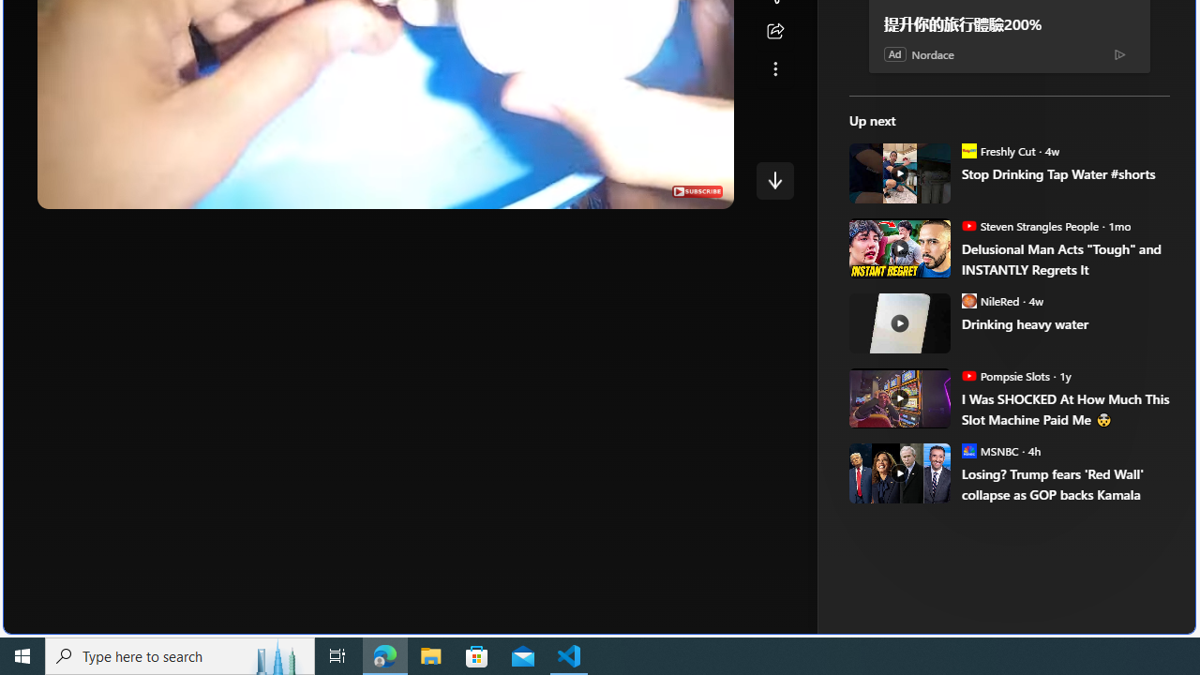  What do you see at coordinates (989, 299) in the screenshot?
I see `'NileRed NileRed'` at bounding box center [989, 299].